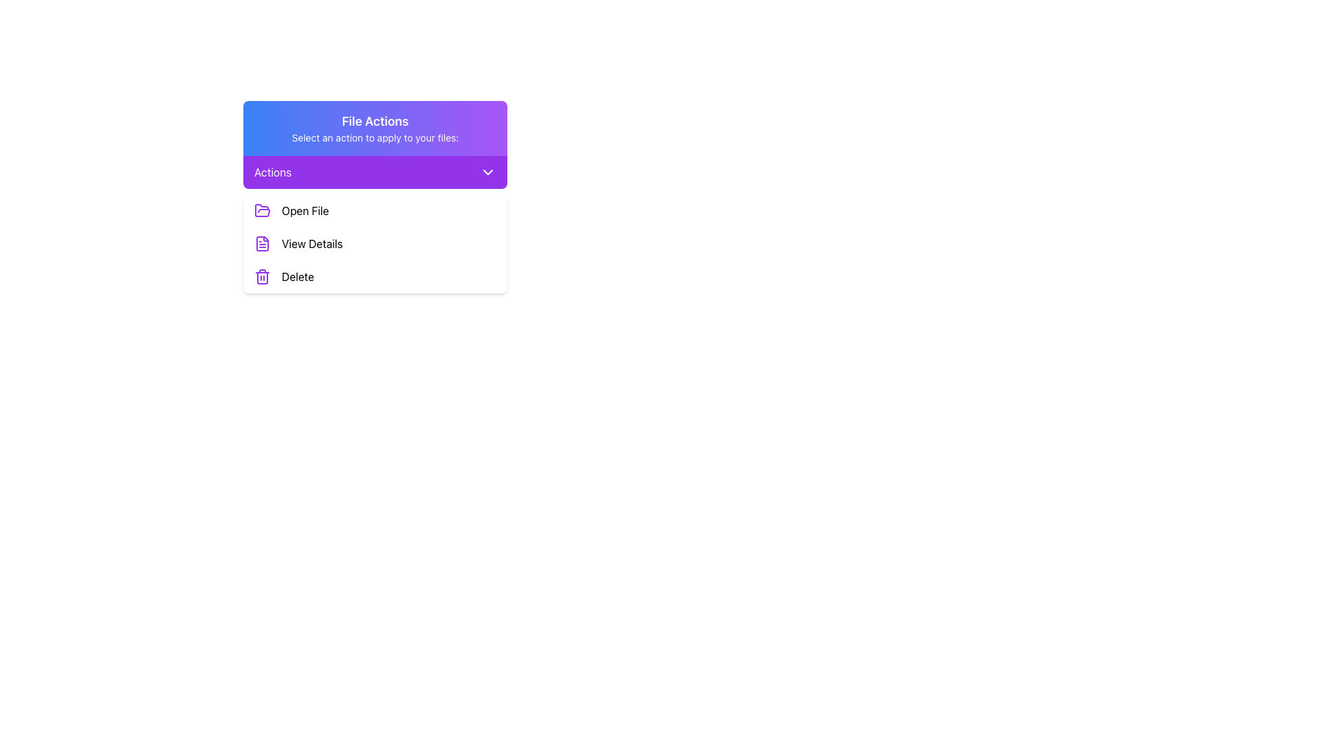 The image size is (1320, 742). Describe the element at coordinates (488, 171) in the screenshot. I see `the downward-facing chevron icon with a purple background located at the far right of the 'Actions' header bar` at that location.